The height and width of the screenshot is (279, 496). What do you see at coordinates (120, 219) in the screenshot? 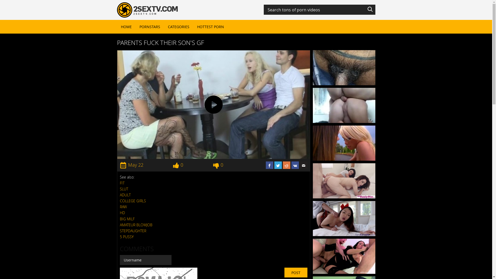
I see `'BIG MILF'` at bounding box center [120, 219].